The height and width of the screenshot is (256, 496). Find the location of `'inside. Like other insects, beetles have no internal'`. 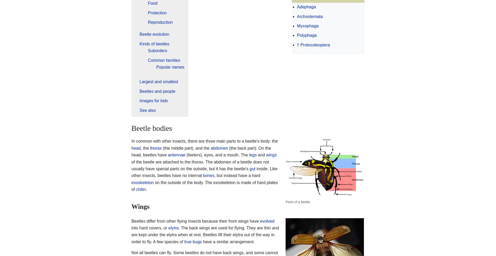

'inside. Like other insects, beetles have no internal' is located at coordinates (204, 172).